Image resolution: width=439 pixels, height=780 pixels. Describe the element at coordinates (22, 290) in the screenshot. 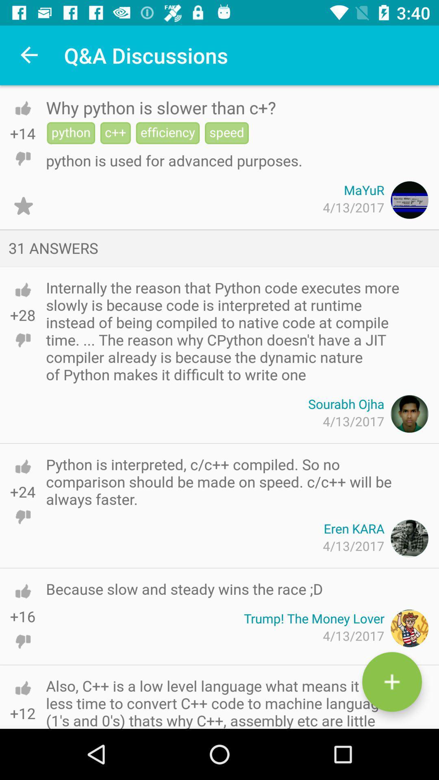

I see `upvote answer` at that location.